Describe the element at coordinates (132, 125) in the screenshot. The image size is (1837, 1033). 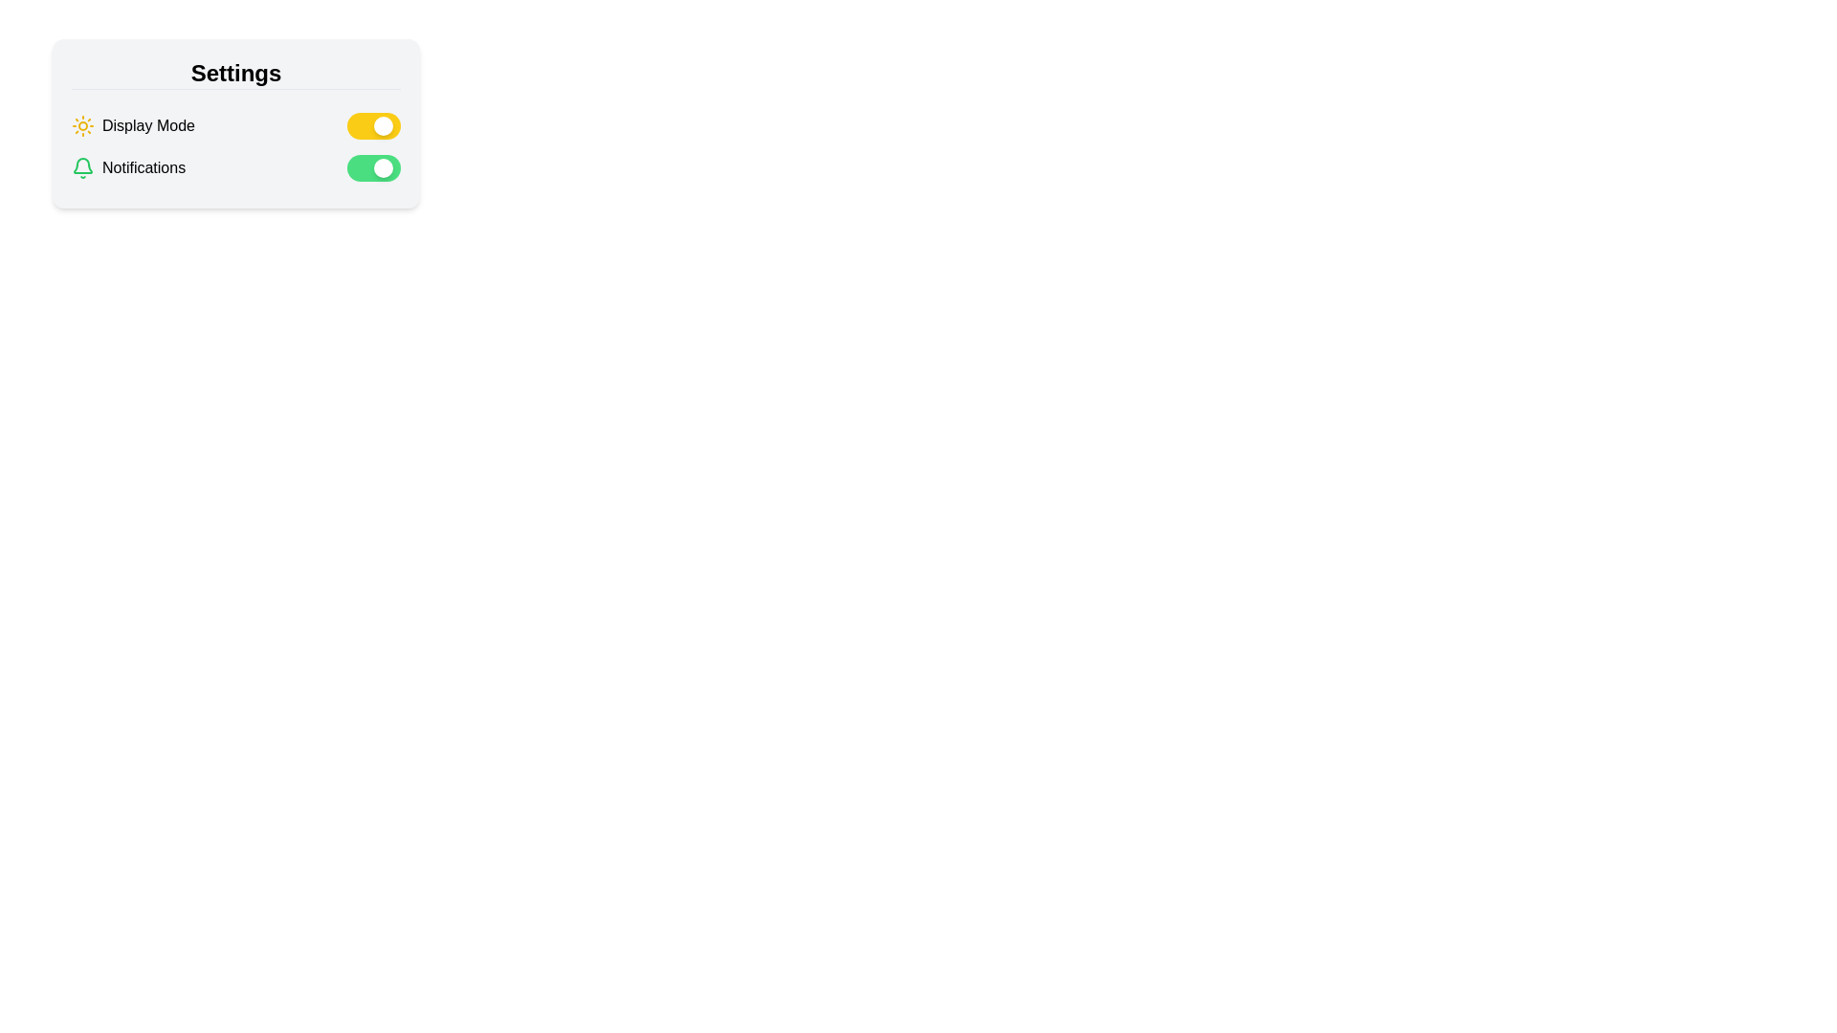
I see `the 'Display Mode' label with the sun icon, located at the top of the settings options in the 'Settings' panel` at that location.